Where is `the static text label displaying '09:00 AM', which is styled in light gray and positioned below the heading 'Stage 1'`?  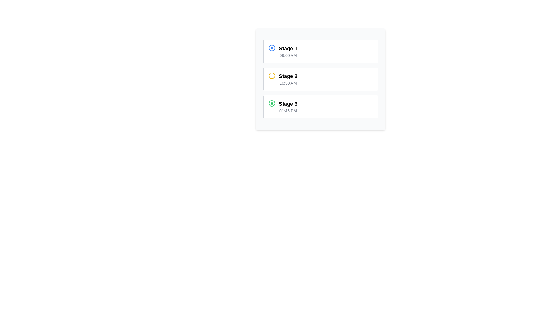
the static text label displaying '09:00 AM', which is styled in light gray and positioned below the heading 'Stage 1' is located at coordinates (288, 55).